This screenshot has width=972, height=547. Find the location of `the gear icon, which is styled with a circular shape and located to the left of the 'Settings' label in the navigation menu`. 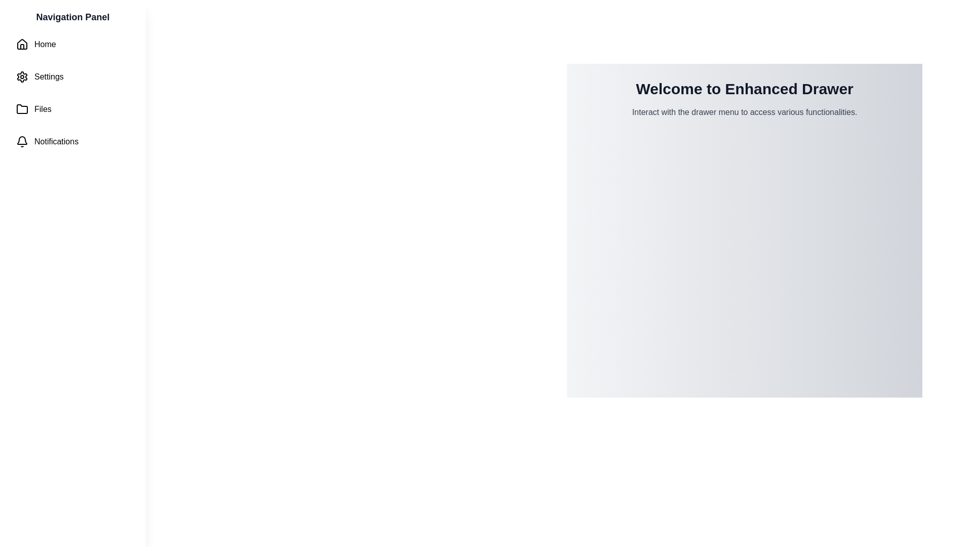

the gear icon, which is styled with a circular shape and located to the left of the 'Settings' label in the navigation menu is located at coordinates (22, 76).